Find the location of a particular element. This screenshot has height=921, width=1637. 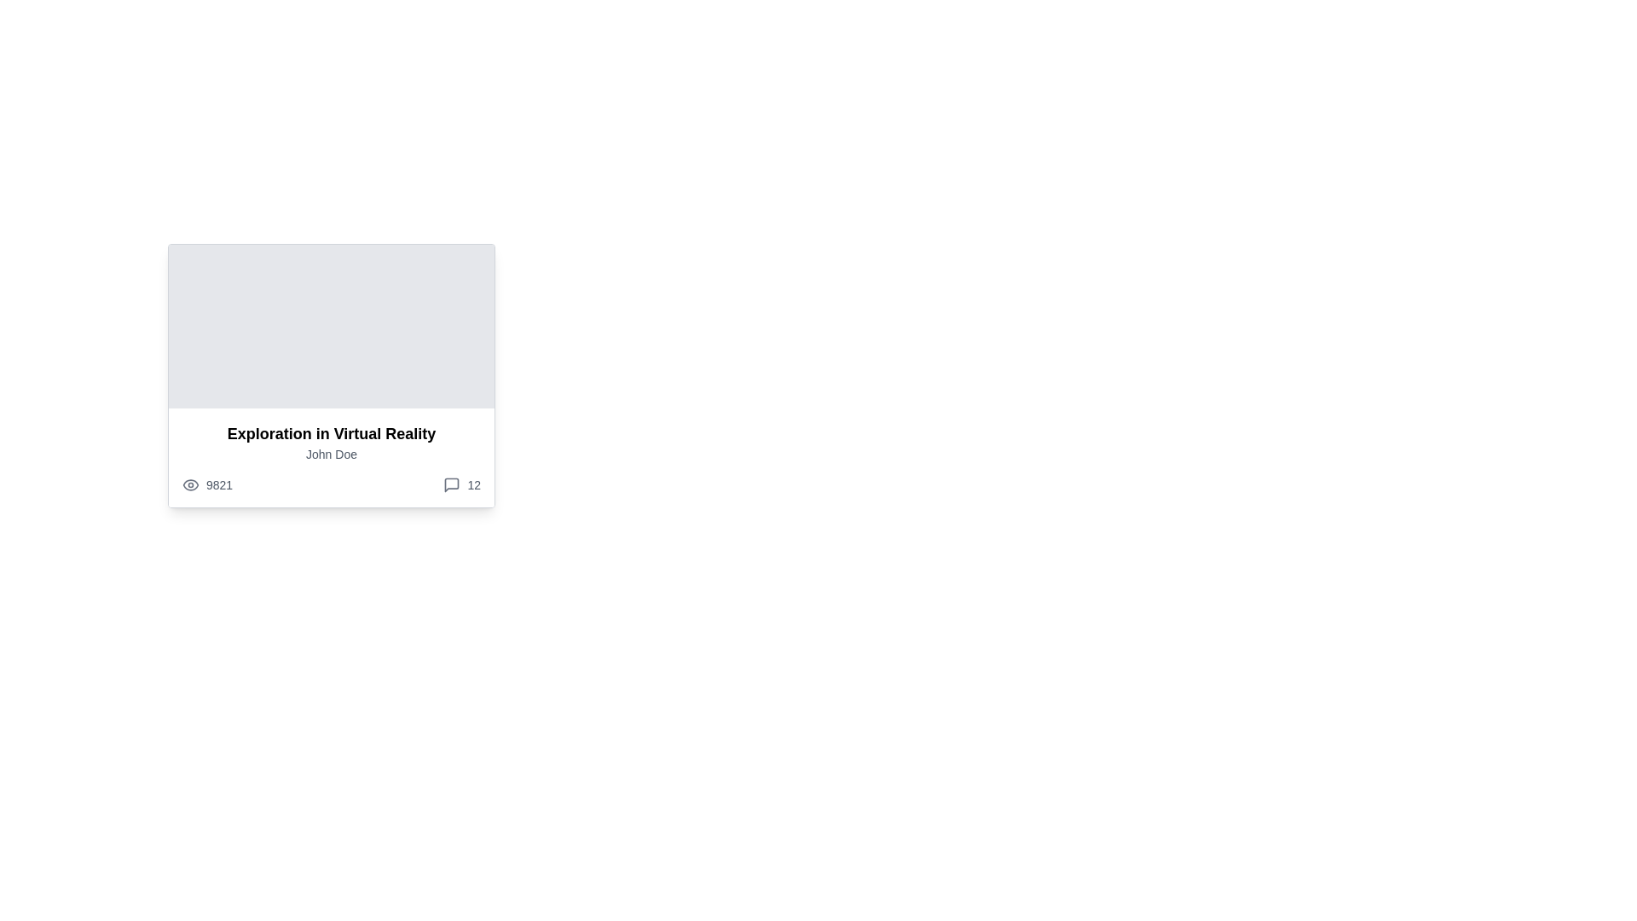

the message square icon styled in gray lines with a hollow center, located in the bottom right section of the card beneath the text 'Exploration in Virtual Reality - John Doe' is located at coordinates (452, 485).